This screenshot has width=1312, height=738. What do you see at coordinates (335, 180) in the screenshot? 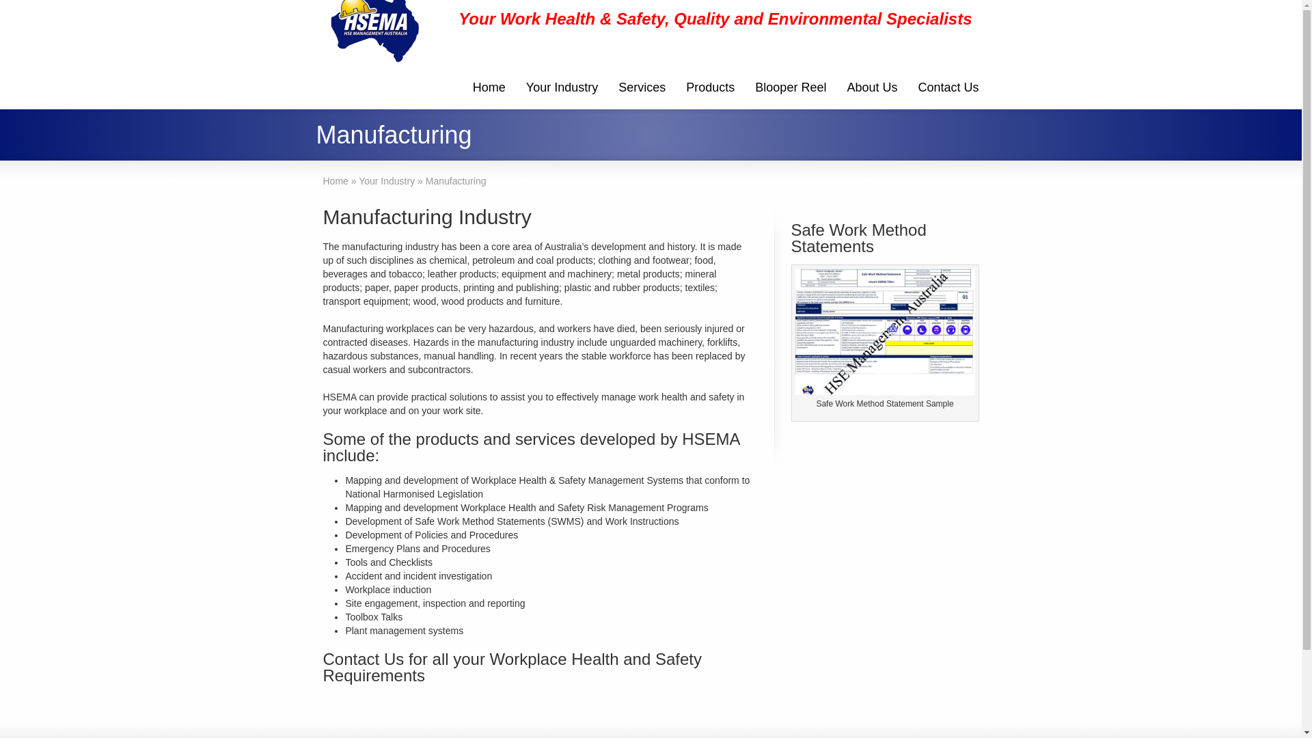
I see `'Home'` at bounding box center [335, 180].